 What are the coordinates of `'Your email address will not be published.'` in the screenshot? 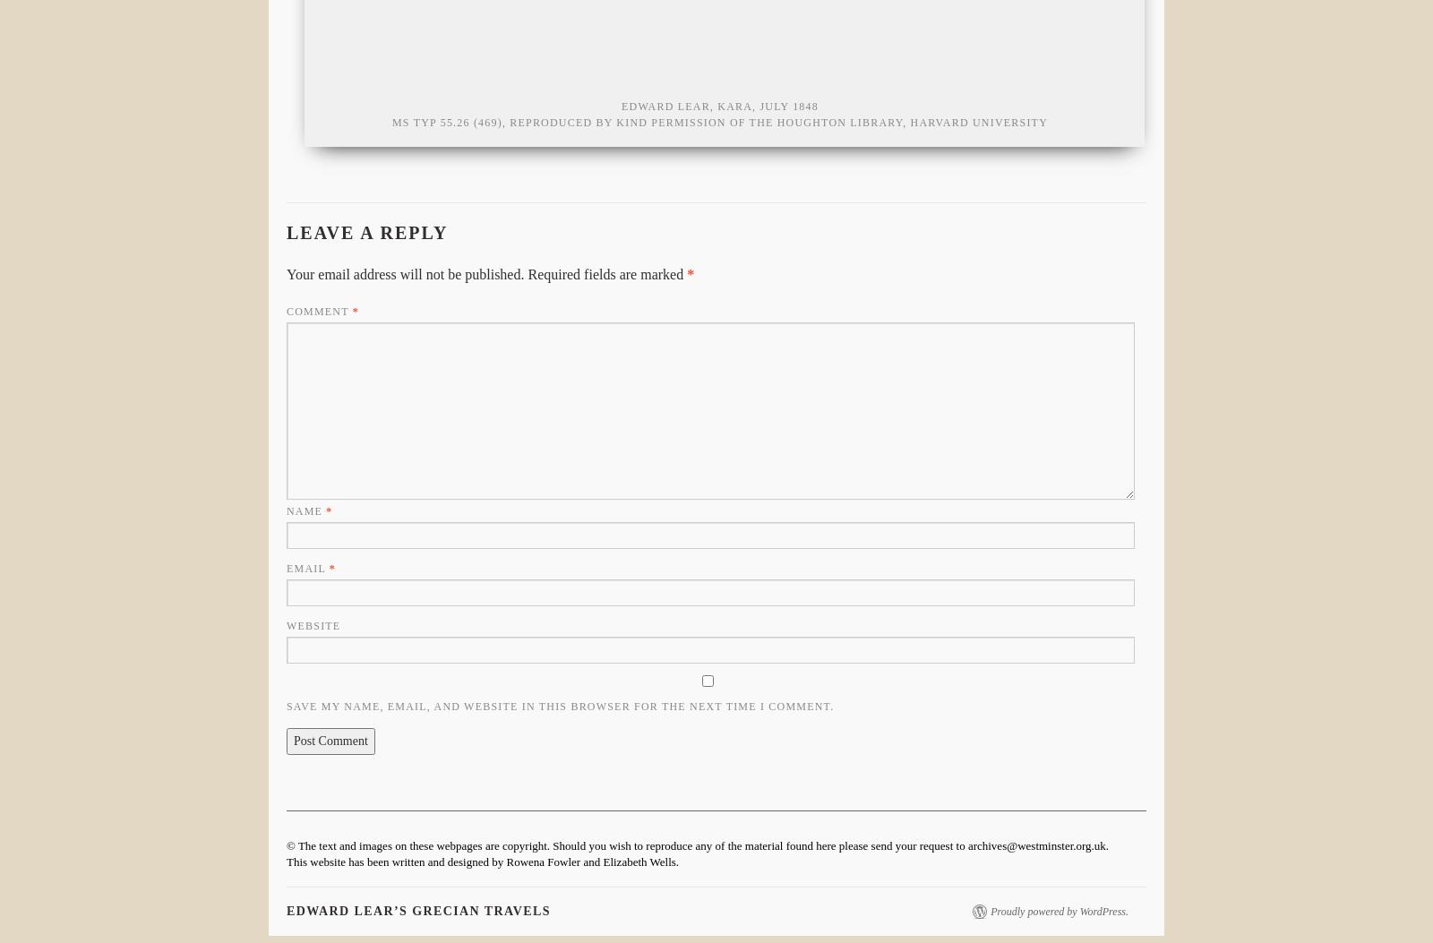 It's located at (287, 274).